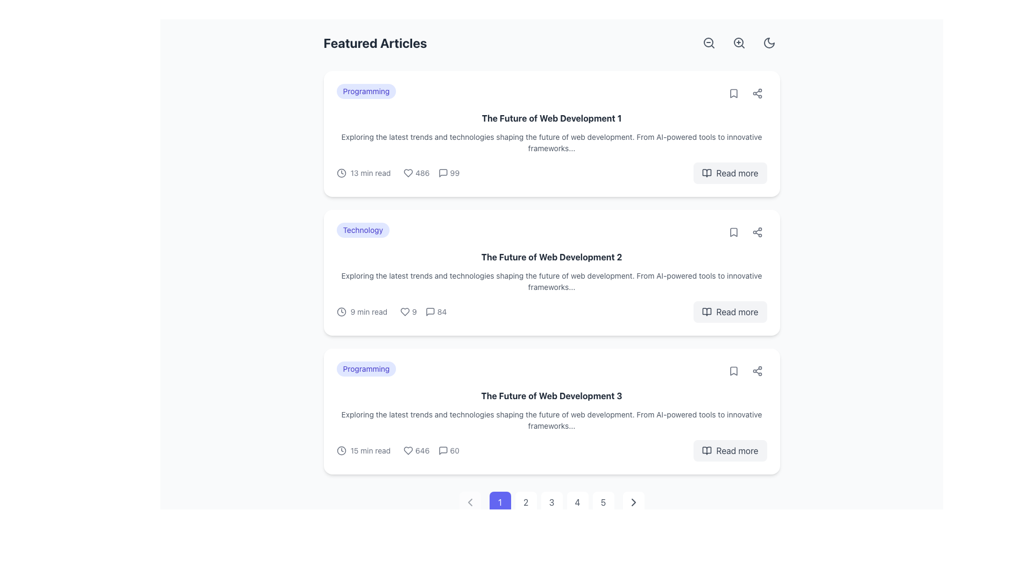 The width and height of the screenshot is (1033, 581). I want to click on the bookmark icon located at the upper right corner of the second article card to bookmark the article, so click(733, 232).